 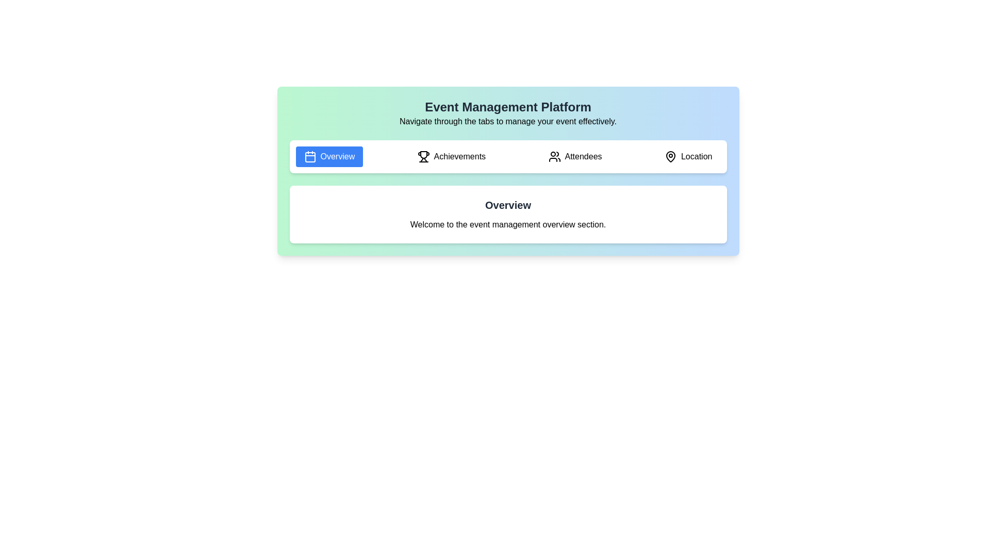 What do you see at coordinates (309, 157) in the screenshot?
I see `the calendar icon with a white fill and blue background, which is located to the left of the 'Overview' text in the navigation bar of the application` at bounding box center [309, 157].